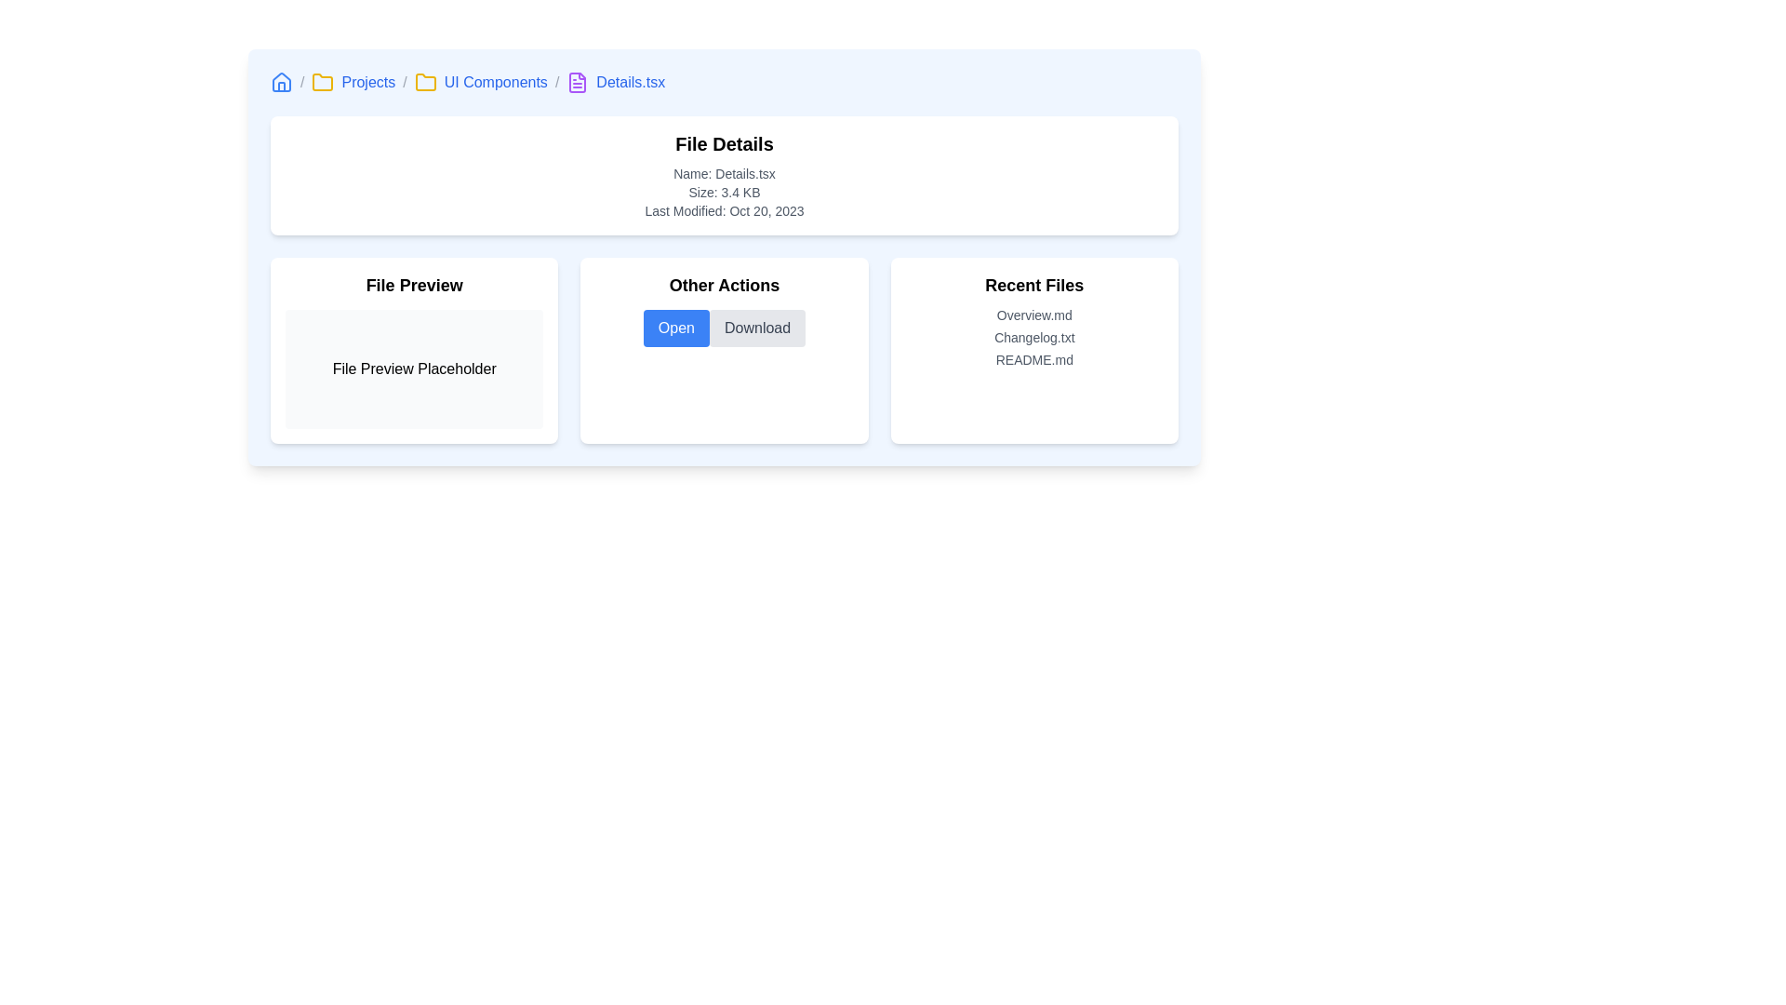  What do you see at coordinates (723, 210) in the screenshot?
I see `the text label displaying the last modified date in the 'File Details' section, which is the last row following the 'Size' detail` at bounding box center [723, 210].